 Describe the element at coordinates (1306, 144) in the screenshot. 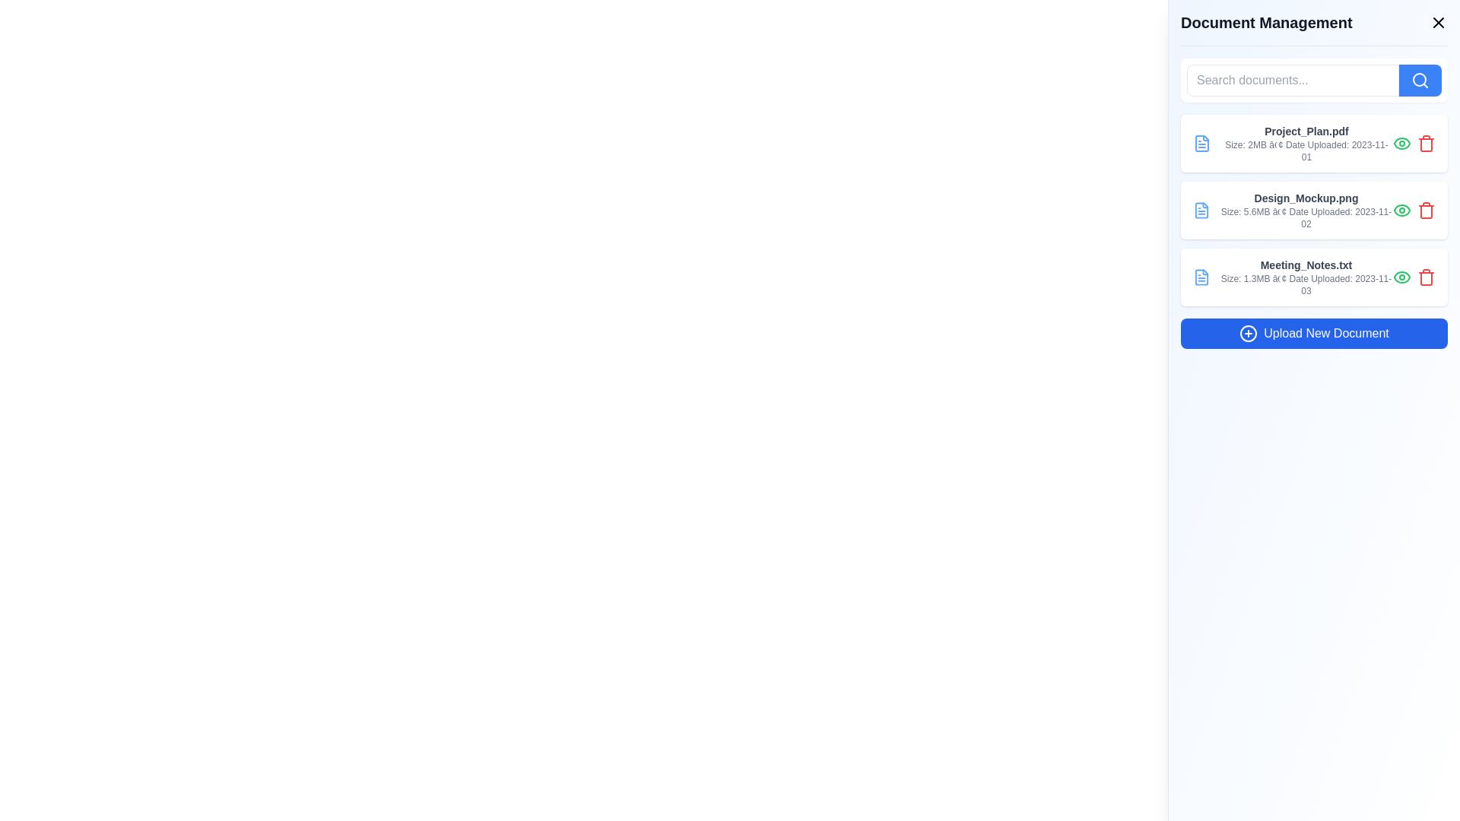

I see `to select the 'Project_Plan.pdf' file in the right panel's document list, which is the first element above 'Design_Mockup.png' and 'Meeting_Notes.txt'` at that location.